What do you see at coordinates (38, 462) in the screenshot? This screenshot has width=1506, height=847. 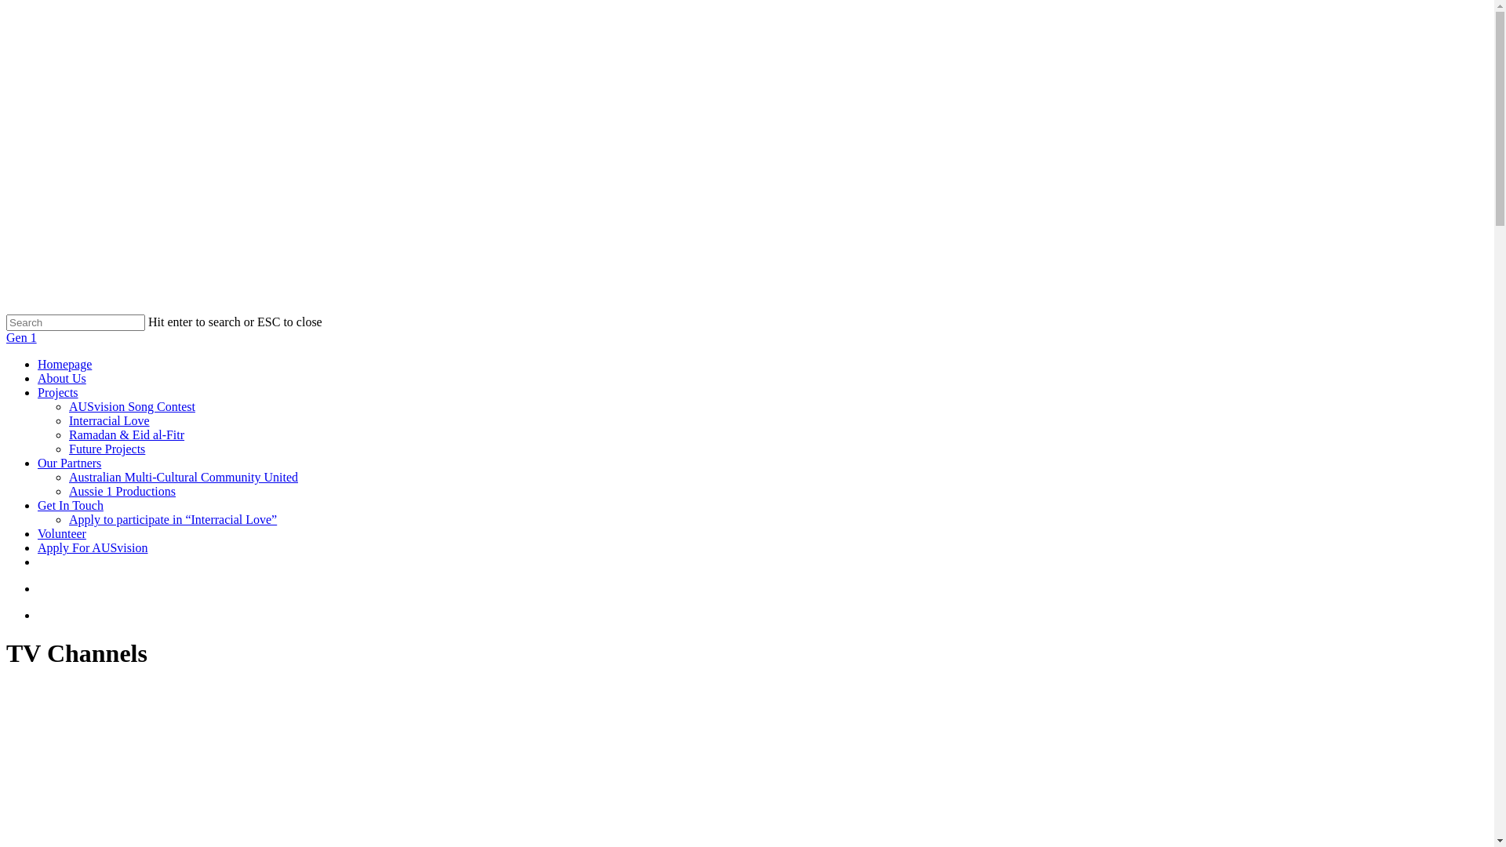 I see `'Our Partners'` at bounding box center [38, 462].